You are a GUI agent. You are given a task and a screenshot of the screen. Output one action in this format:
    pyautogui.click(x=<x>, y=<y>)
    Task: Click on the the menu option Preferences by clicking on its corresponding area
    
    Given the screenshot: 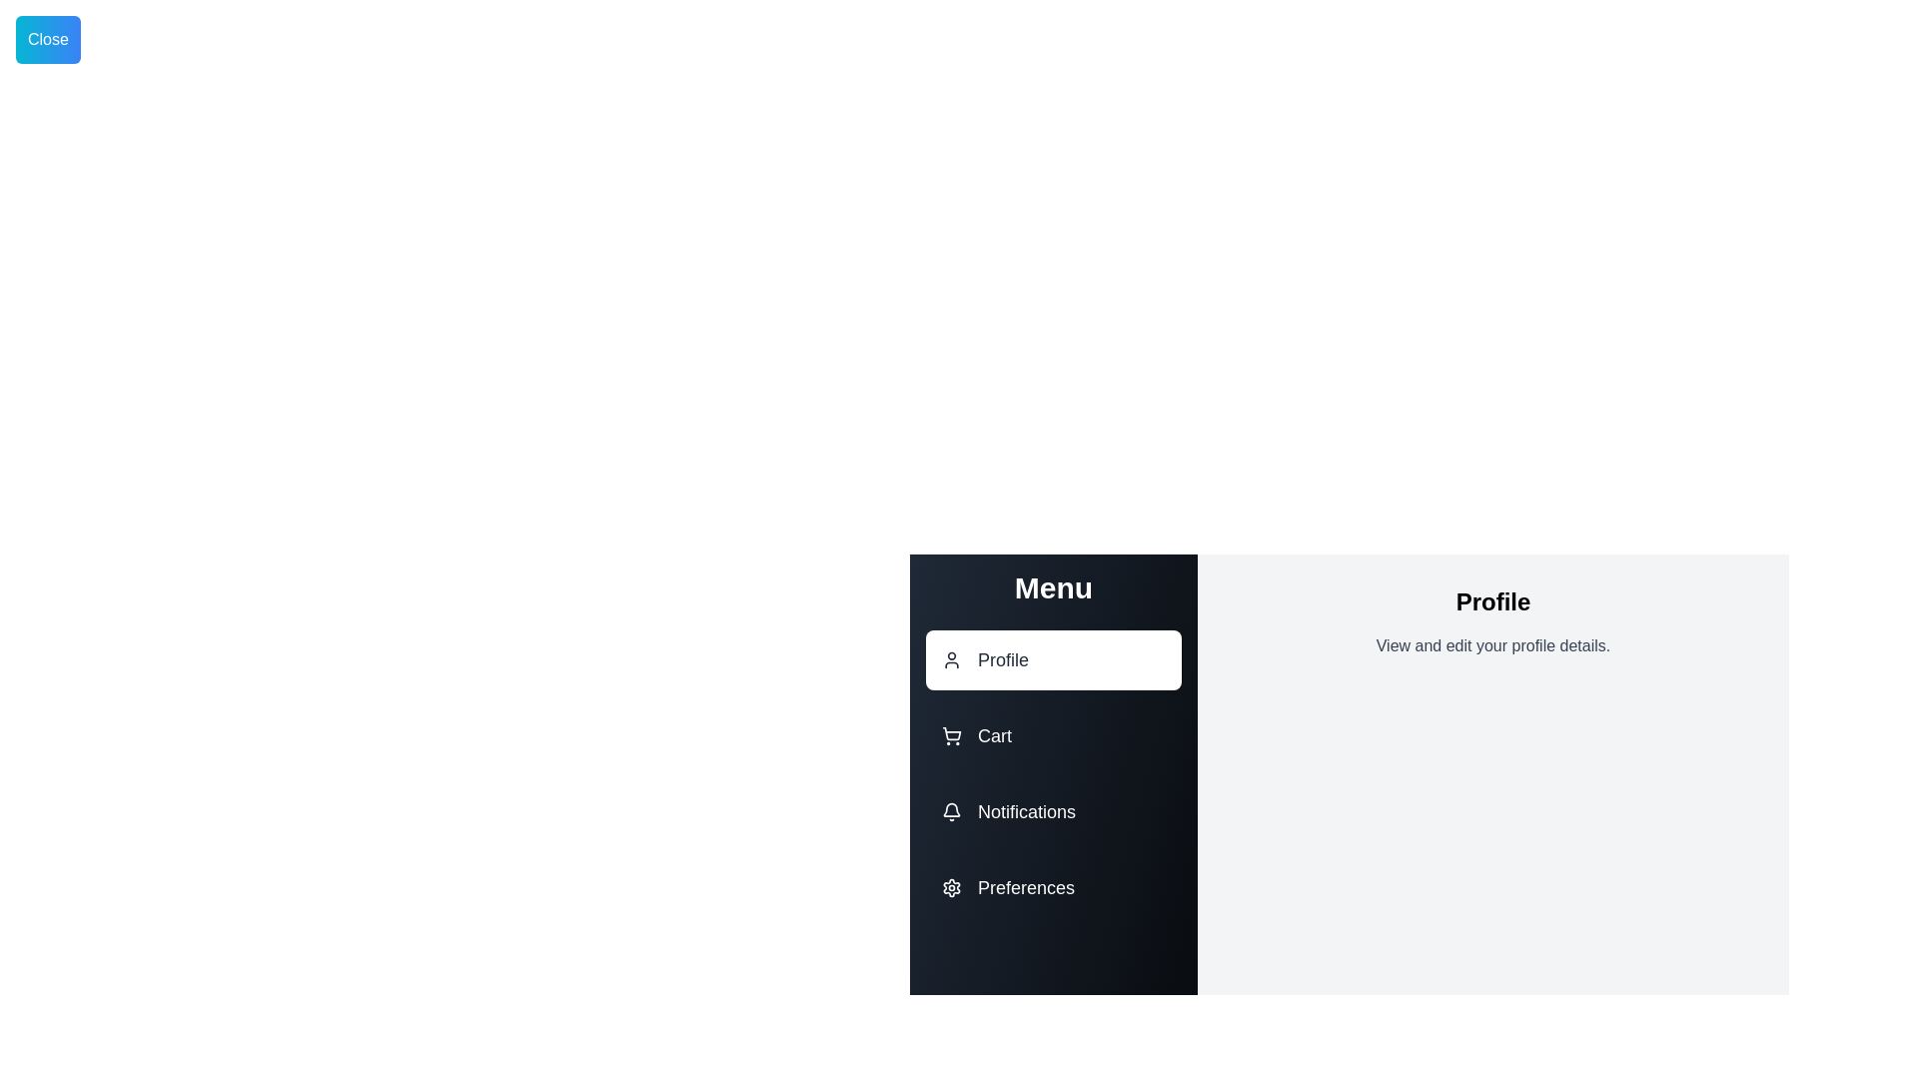 What is the action you would take?
    pyautogui.click(x=1053, y=886)
    